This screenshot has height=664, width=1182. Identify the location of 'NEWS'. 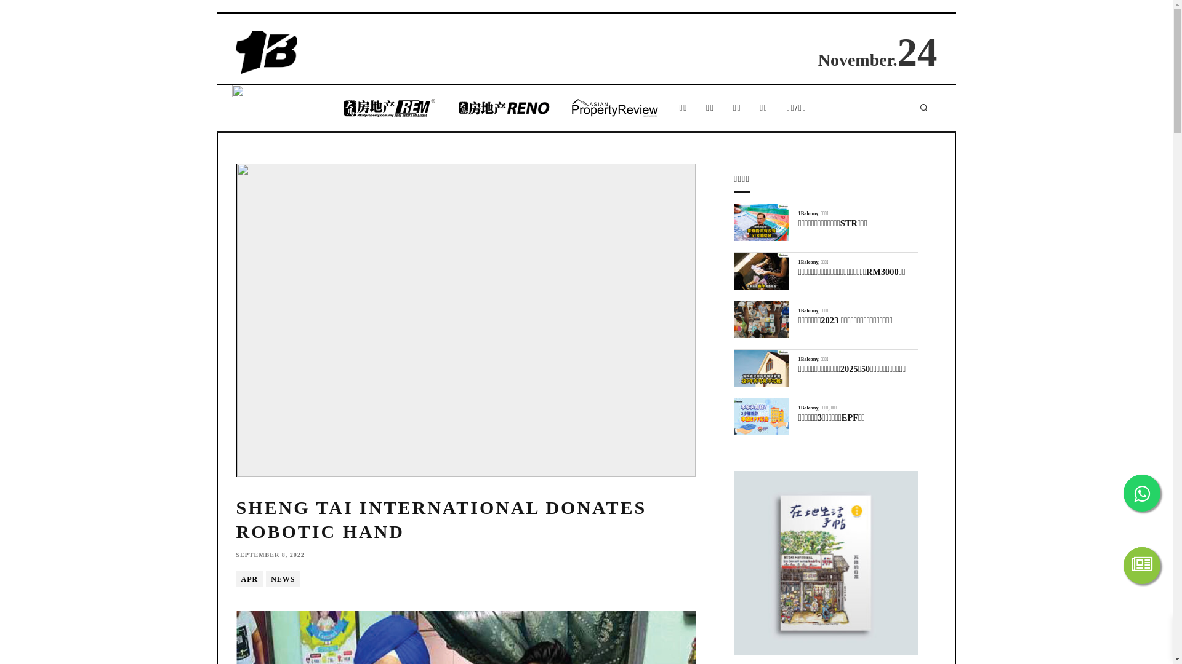
(282, 579).